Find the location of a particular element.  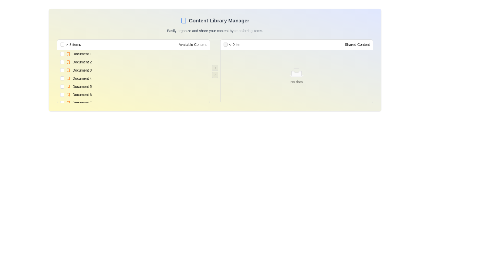

the checkbox located next to the '8 items' text in the 'Available Content' section for accessibility navigation is located at coordinates (62, 44).